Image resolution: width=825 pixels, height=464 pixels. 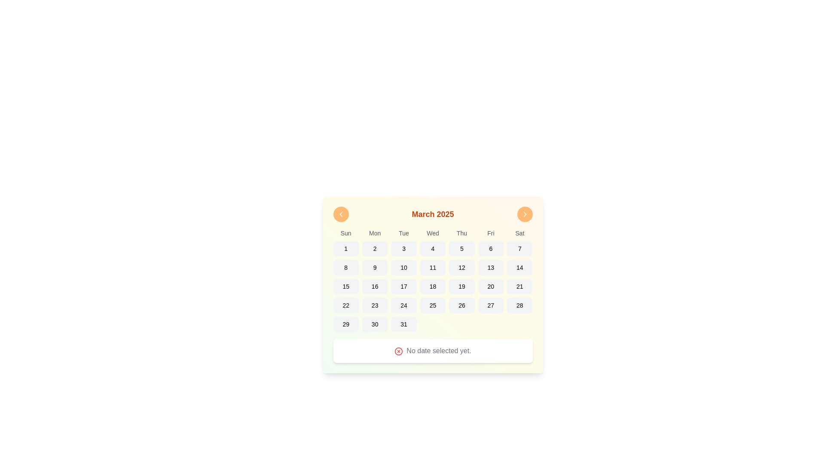 I want to click on the button representing the day '4' in the calendar grid located in the first row, fourth column, so click(x=433, y=248).